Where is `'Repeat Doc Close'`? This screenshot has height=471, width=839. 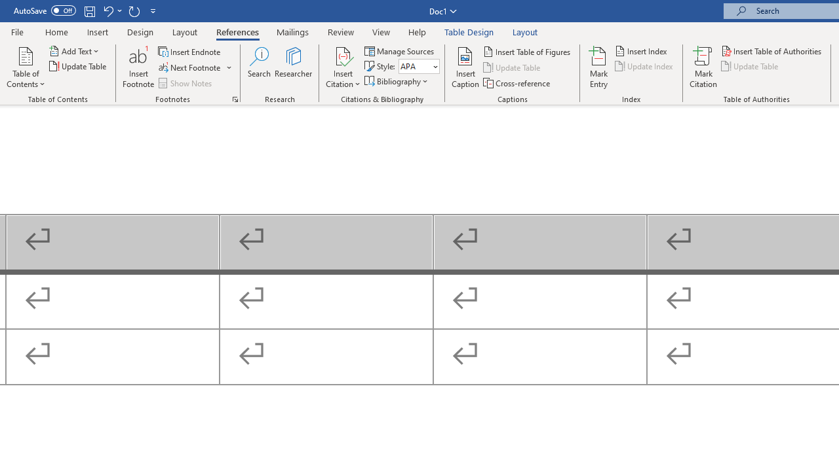
'Repeat Doc Close' is located at coordinates (134, 10).